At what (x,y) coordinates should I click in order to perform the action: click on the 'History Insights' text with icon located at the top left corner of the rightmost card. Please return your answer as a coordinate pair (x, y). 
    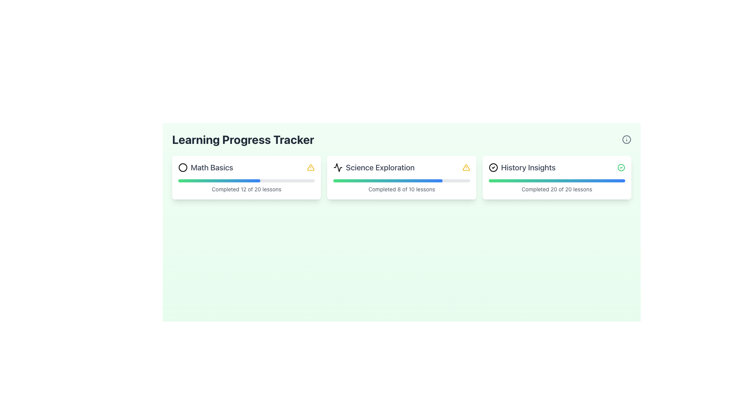
    Looking at the image, I should click on (522, 167).